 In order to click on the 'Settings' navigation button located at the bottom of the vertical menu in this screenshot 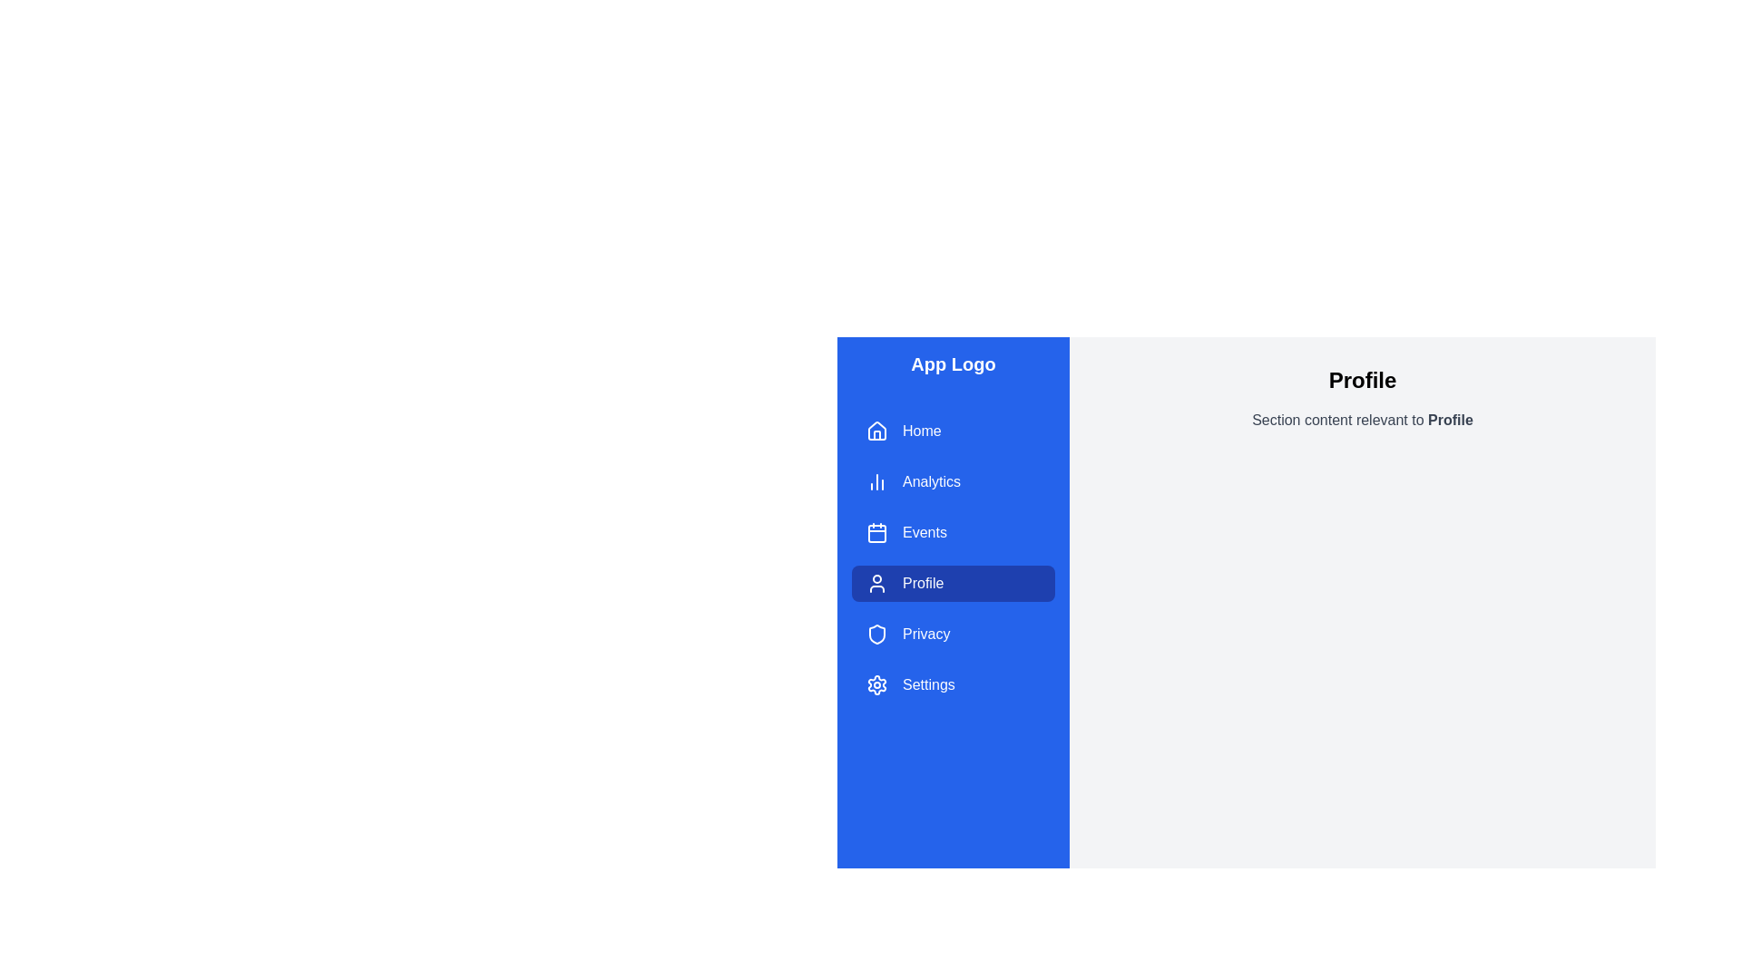, I will do `click(953, 685)`.